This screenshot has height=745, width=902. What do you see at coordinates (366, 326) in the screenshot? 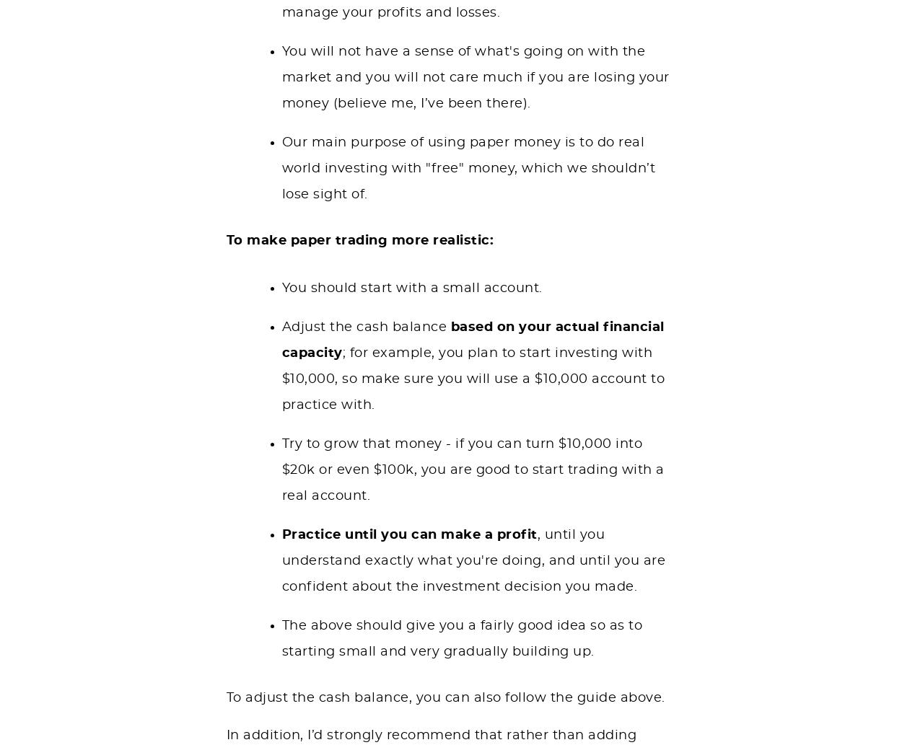
I see `'Adjust the cash balance'` at bounding box center [366, 326].